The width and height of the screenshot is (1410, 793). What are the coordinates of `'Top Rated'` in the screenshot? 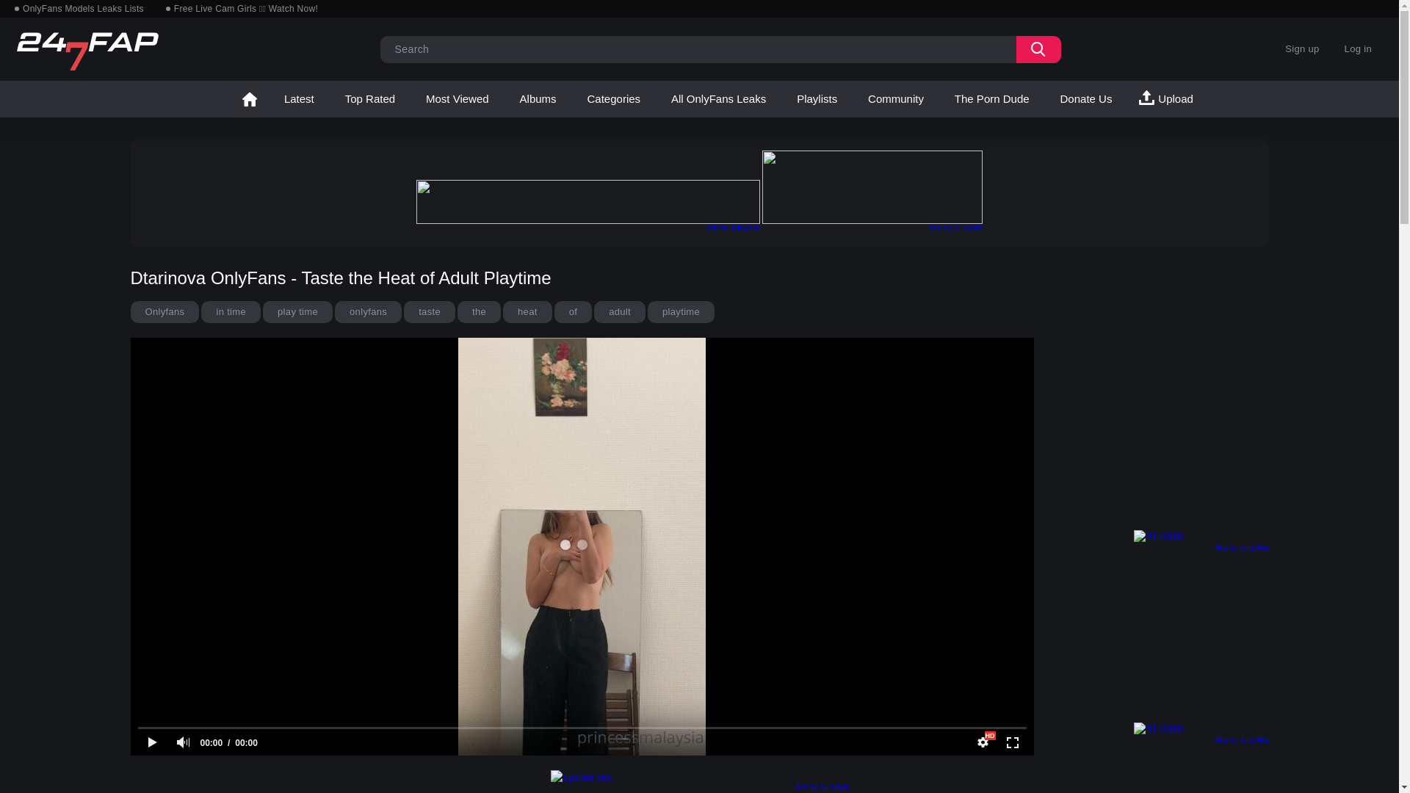 It's located at (370, 99).